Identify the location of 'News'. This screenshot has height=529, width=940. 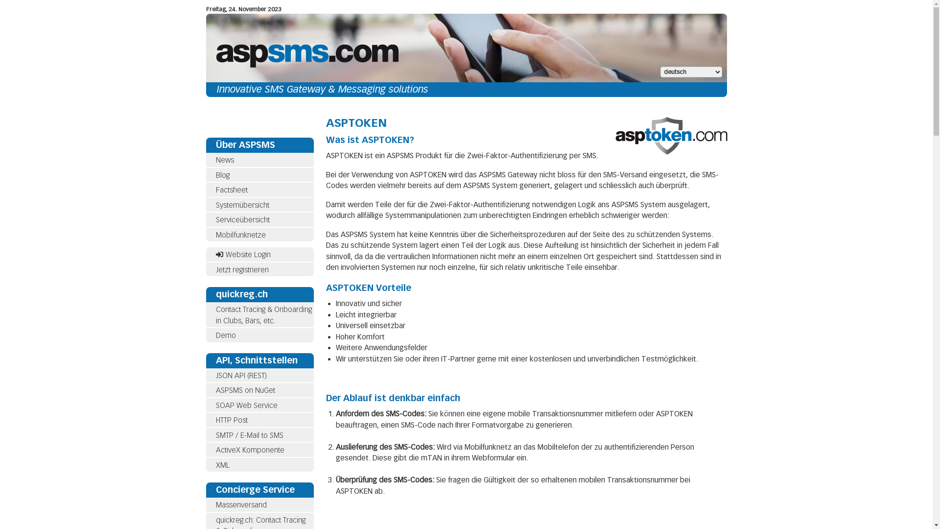
(259, 160).